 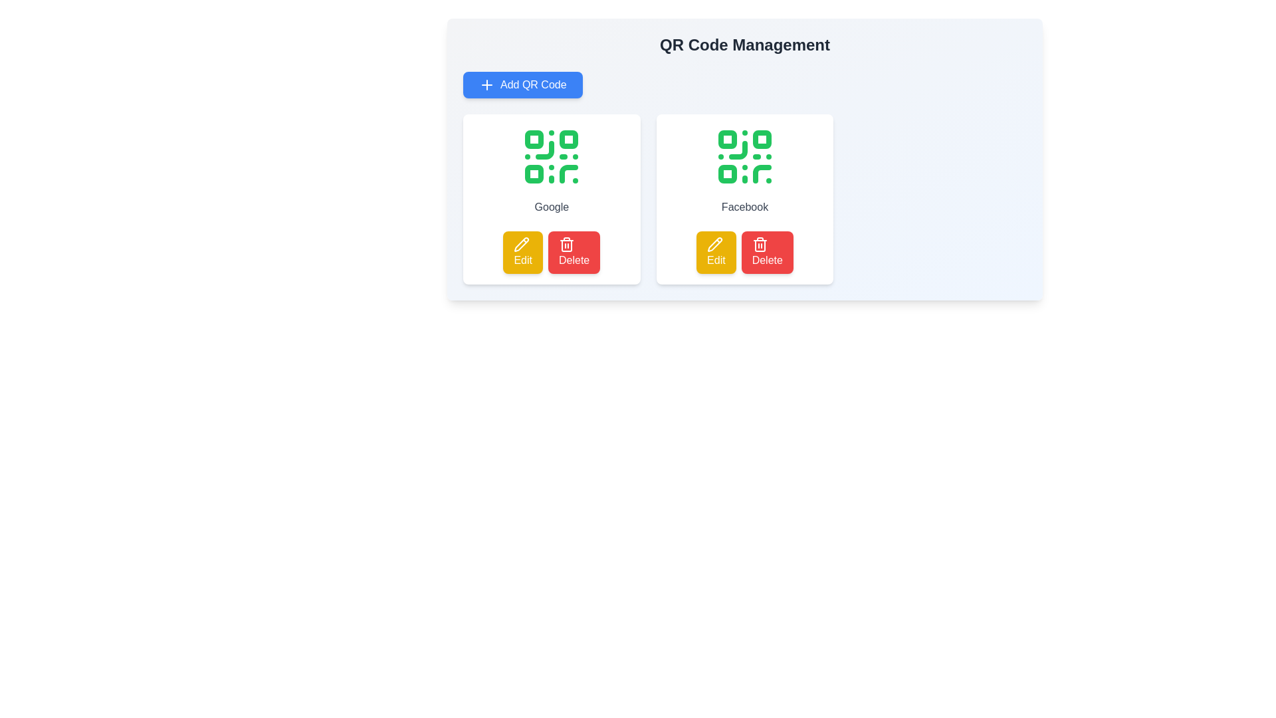 What do you see at coordinates (744, 207) in the screenshot?
I see `the static text label displaying 'Facebook', which is centered in the second card of a pair of horizontally aligned cards, positioned below a green QR code and above 'Edit' and 'Delete' buttons` at bounding box center [744, 207].